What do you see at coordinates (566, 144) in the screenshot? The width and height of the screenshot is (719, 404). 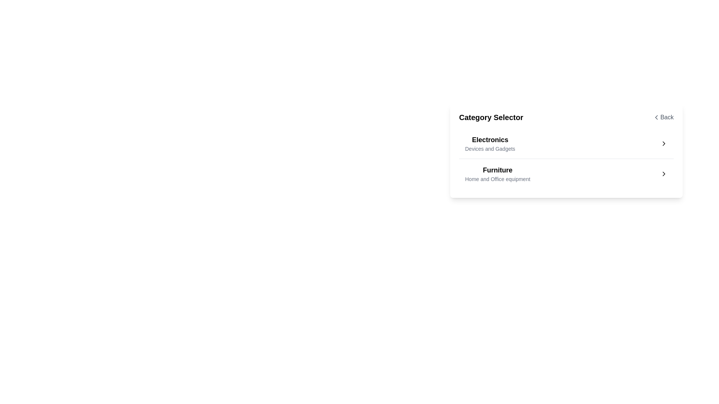 I see `the first list item representing the 'Electronics' category in the 'Category Selector'` at bounding box center [566, 144].